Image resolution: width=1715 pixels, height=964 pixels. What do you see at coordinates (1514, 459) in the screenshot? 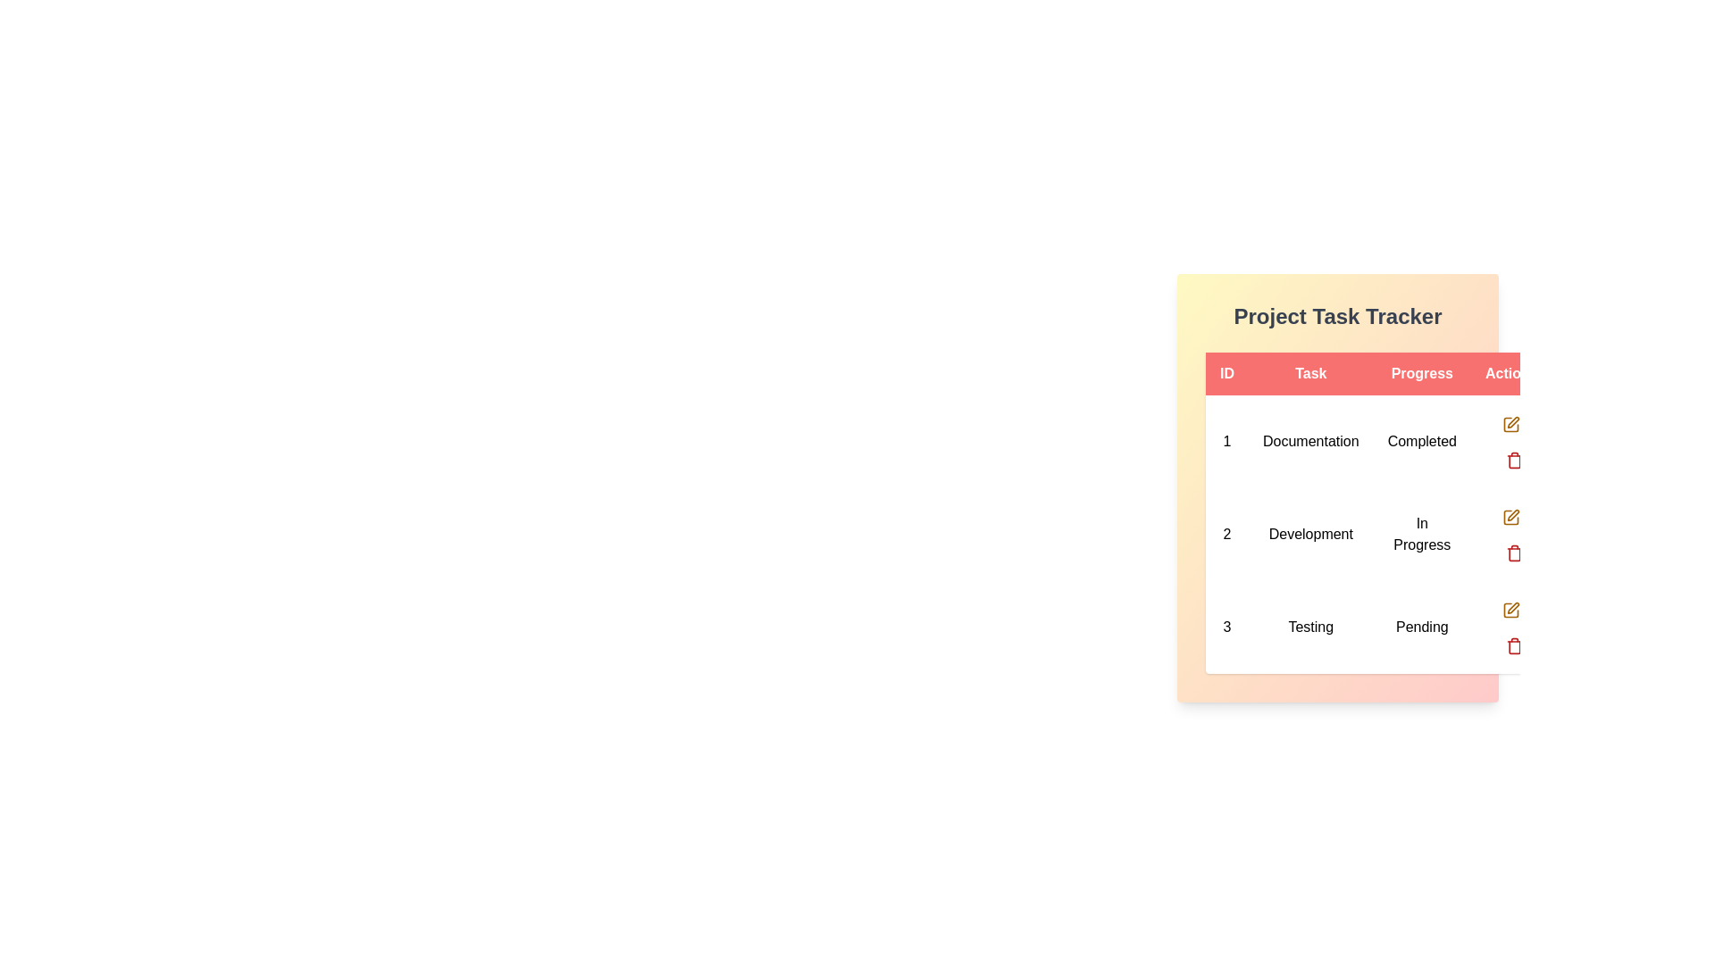
I see `delete button for task 1` at bounding box center [1514, 459].